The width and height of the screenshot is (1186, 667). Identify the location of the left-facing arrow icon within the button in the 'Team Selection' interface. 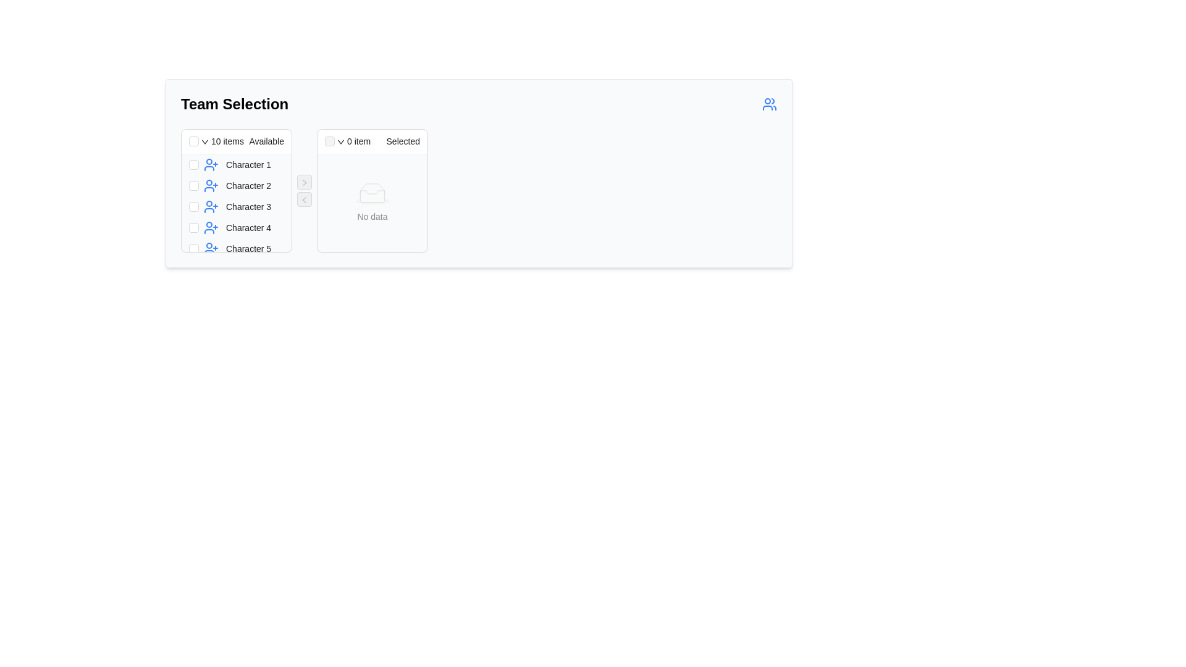
(305, 199).